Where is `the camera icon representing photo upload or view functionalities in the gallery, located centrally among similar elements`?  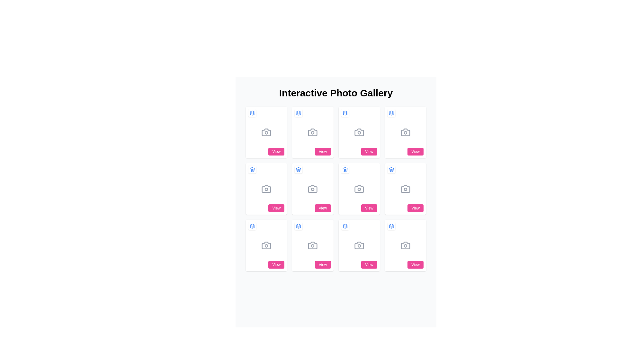 the camera icon representing photo upload or view functionalities in the gallery, located centrally among similar elements is located at coordinates (313, 132).